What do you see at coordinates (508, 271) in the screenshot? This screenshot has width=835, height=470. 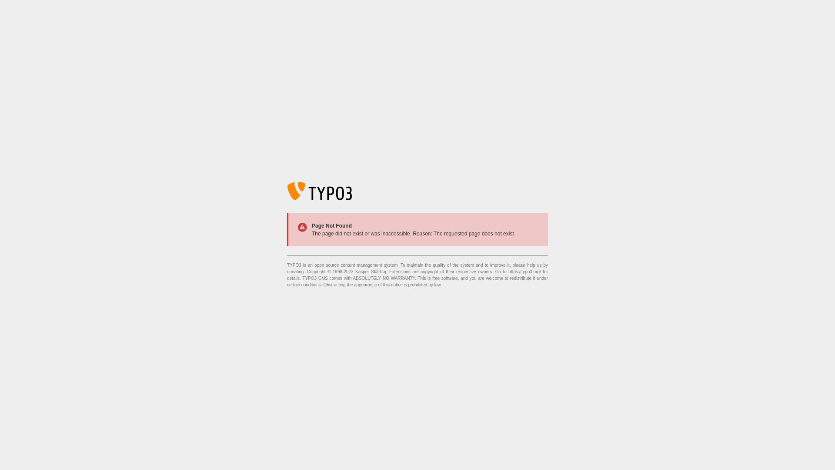 I see `'https://typo3.org/'` at bounding box center [508, 271].